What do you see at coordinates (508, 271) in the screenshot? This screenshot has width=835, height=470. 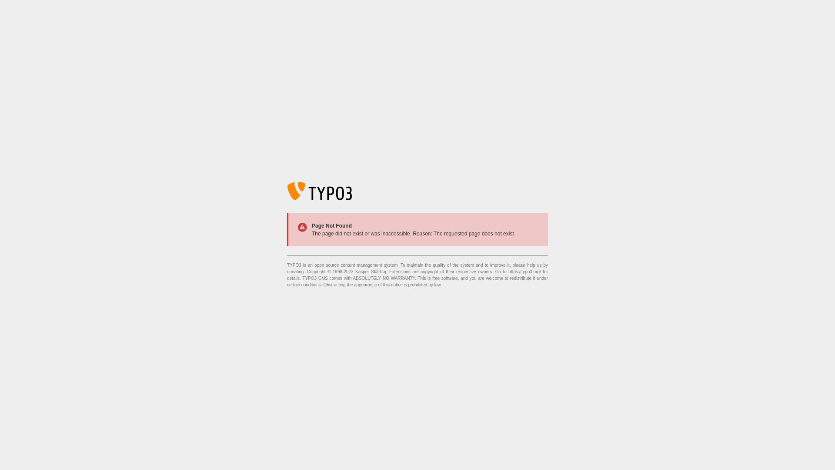 I see `'https://typo3.org/'` at bounding box center [508, 271].